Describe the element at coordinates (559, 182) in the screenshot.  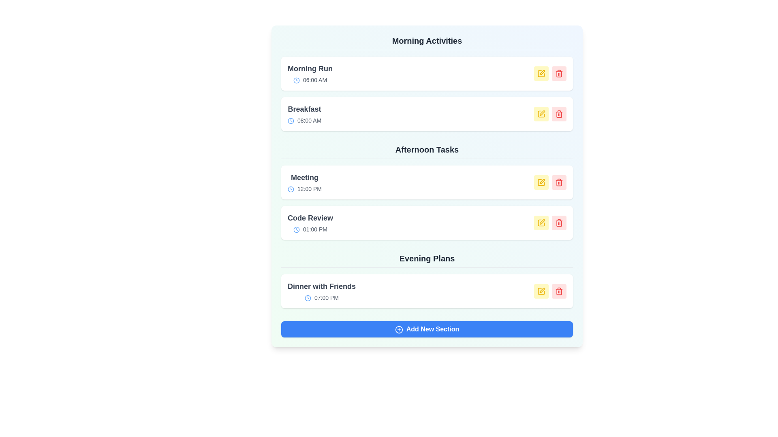
I see `delete button for the event Meeting` at that location.